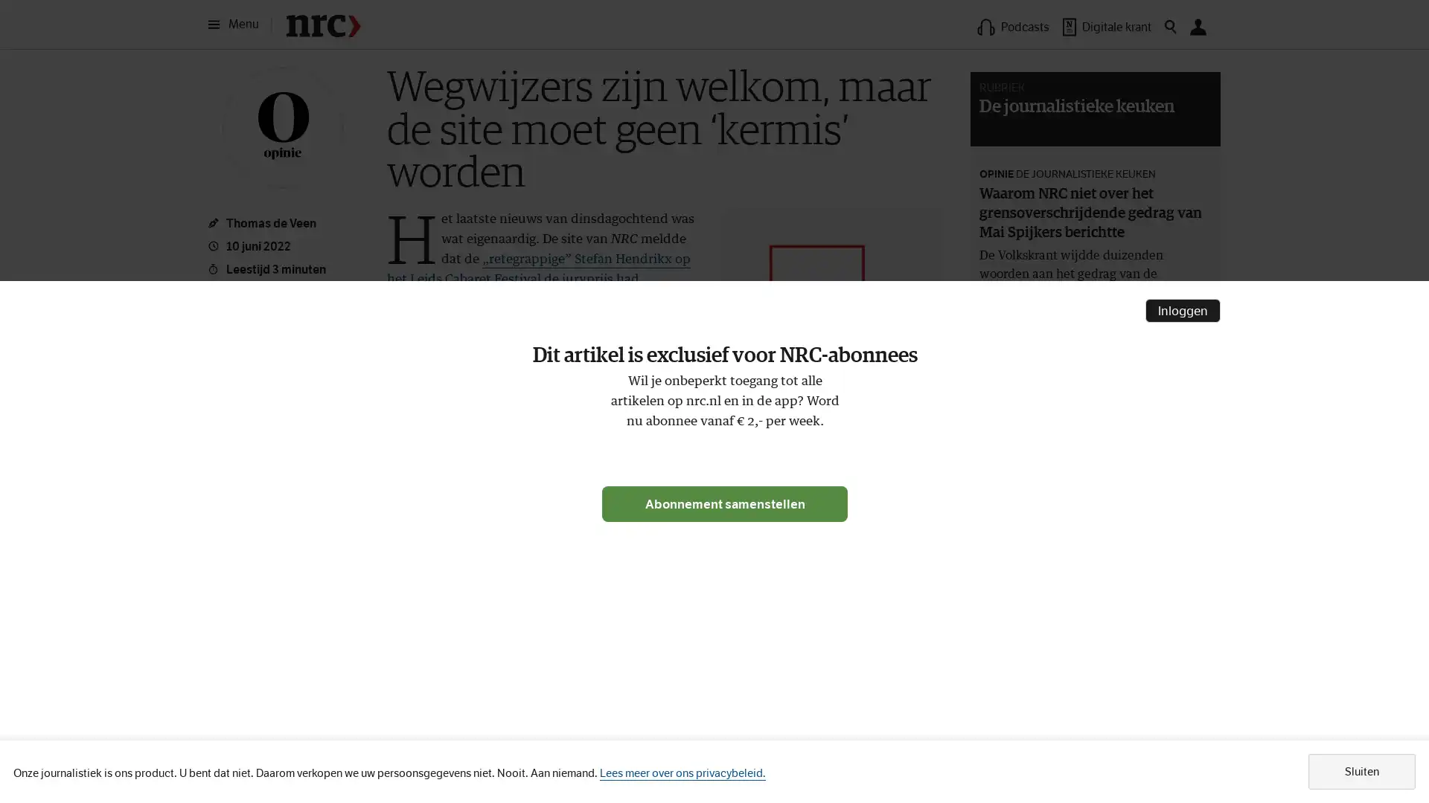  What do you see at coordinates (418, 527) in the screenshot?
I see `Leeslijst` at bounding box center [418, 527].